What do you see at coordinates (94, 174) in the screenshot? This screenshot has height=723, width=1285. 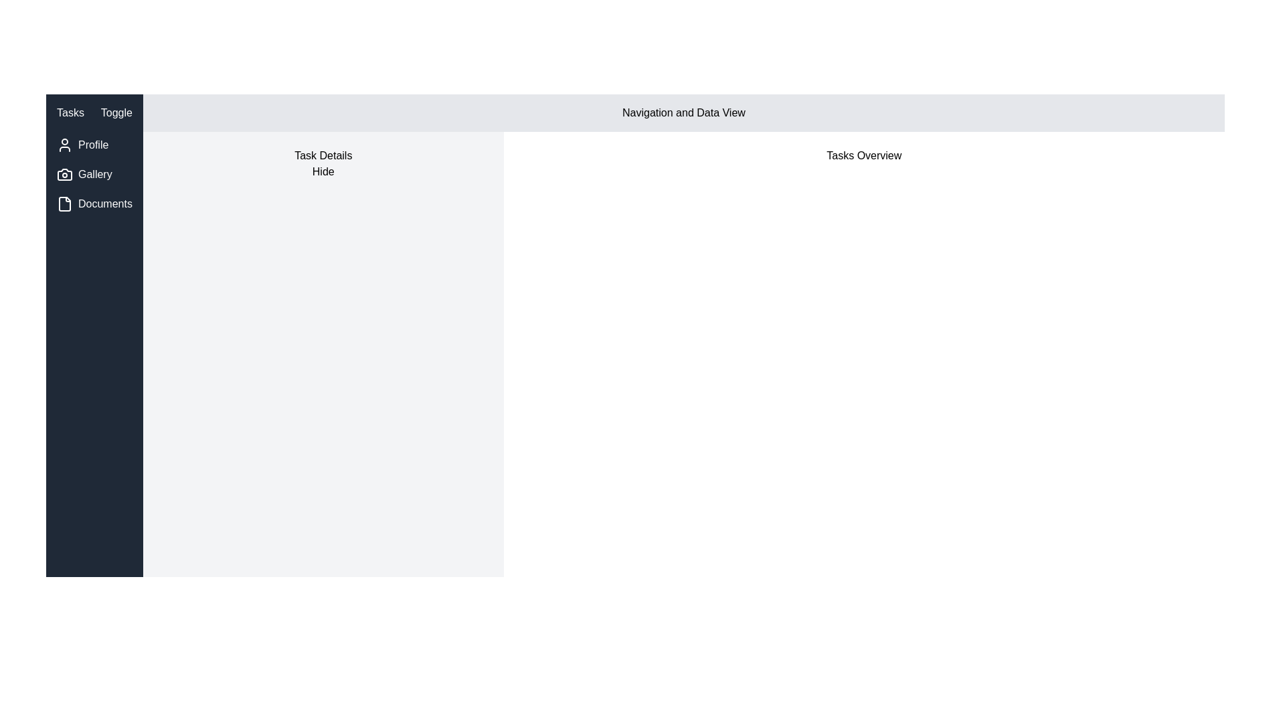 I see `the navigation button labeled 'Gallery' with a camera icon, located in the sidebar between 'Profile' and 'Documents'` at bounding box center [94, 174].